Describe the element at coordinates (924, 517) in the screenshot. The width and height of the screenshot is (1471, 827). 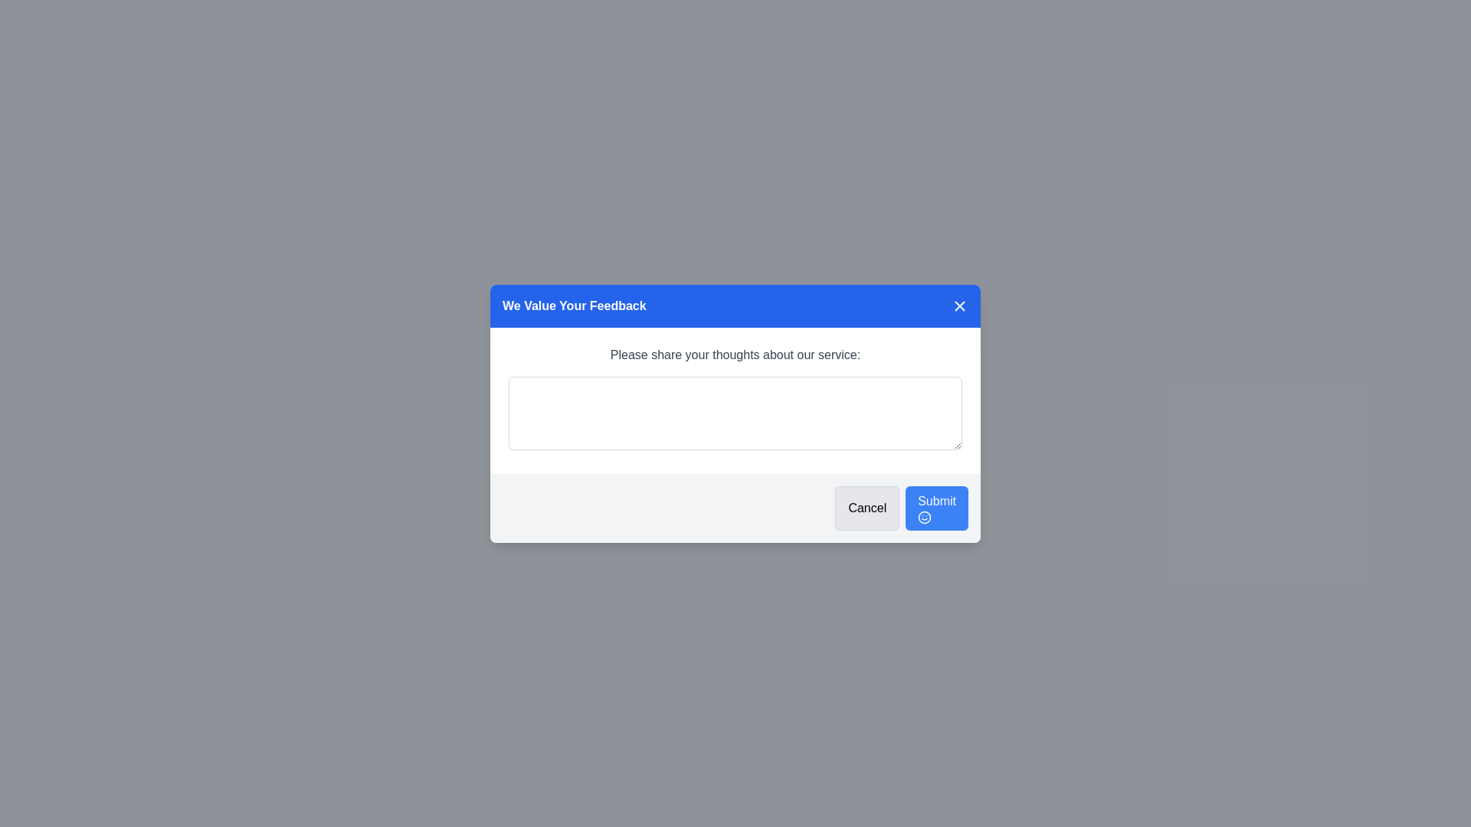
I see `the central circle of the smiley face icon located inside the 'Submit' button in the feedback dialog box` at that location.